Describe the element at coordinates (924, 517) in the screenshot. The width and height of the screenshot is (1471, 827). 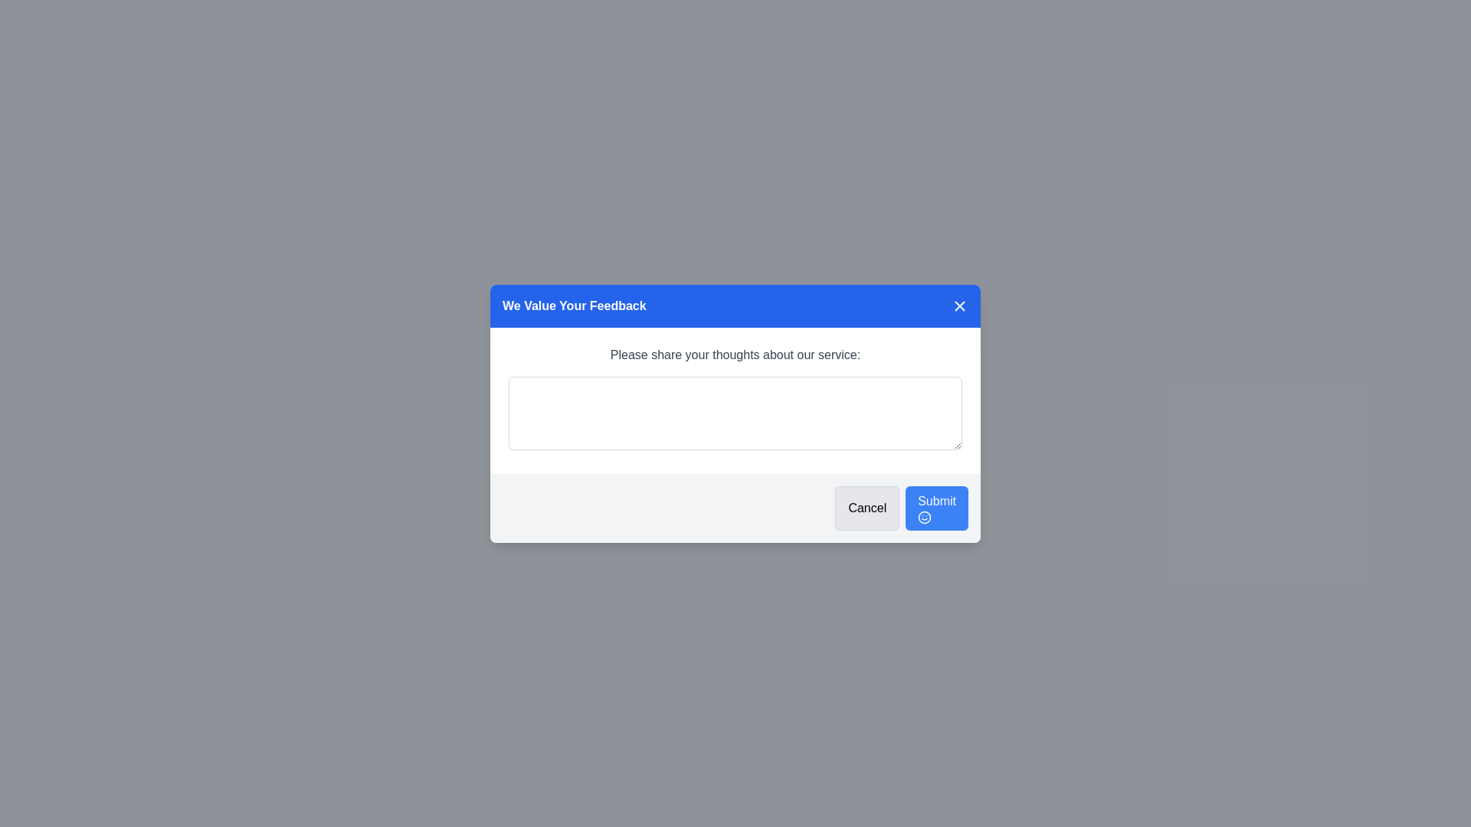
I see `the central circle of the smiley face icon located inside the 'Submit' button in the feedback dialog box` at that location.